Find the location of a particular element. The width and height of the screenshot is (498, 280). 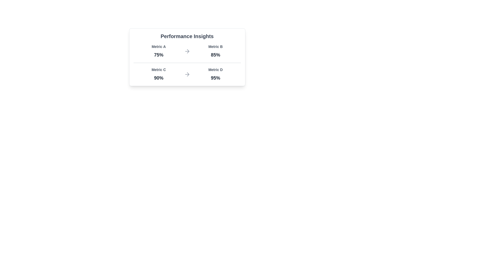

the text label indicating the performance metric value for 'Metric D', which shows '95%' and is located in the second row, rightmost in the row under 'Metric D' is located at coordinates (215, 78).